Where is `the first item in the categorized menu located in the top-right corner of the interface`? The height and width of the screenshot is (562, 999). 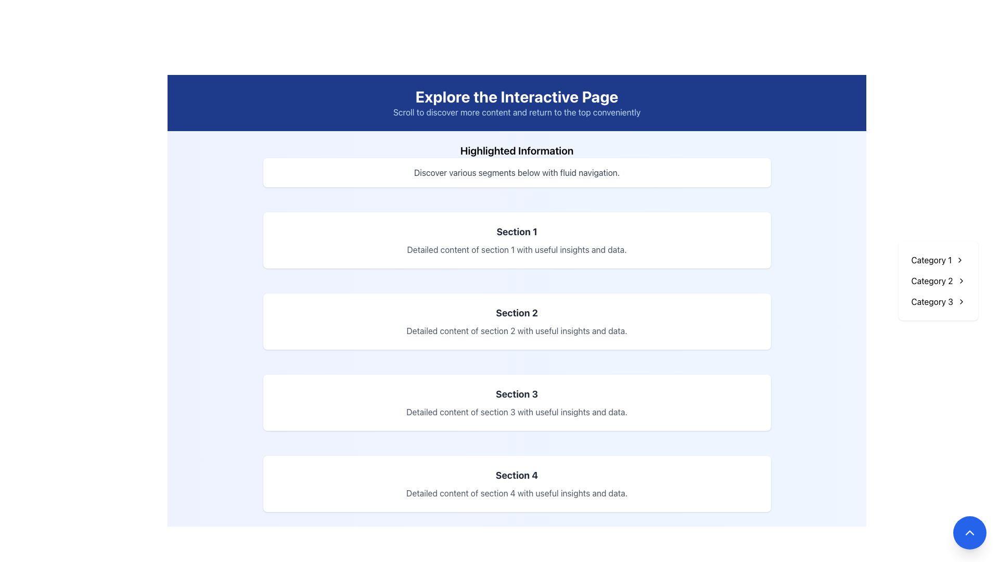
the first item in the categorized menu located in the top-right corner of the interface is located at coordinates (931, 260).